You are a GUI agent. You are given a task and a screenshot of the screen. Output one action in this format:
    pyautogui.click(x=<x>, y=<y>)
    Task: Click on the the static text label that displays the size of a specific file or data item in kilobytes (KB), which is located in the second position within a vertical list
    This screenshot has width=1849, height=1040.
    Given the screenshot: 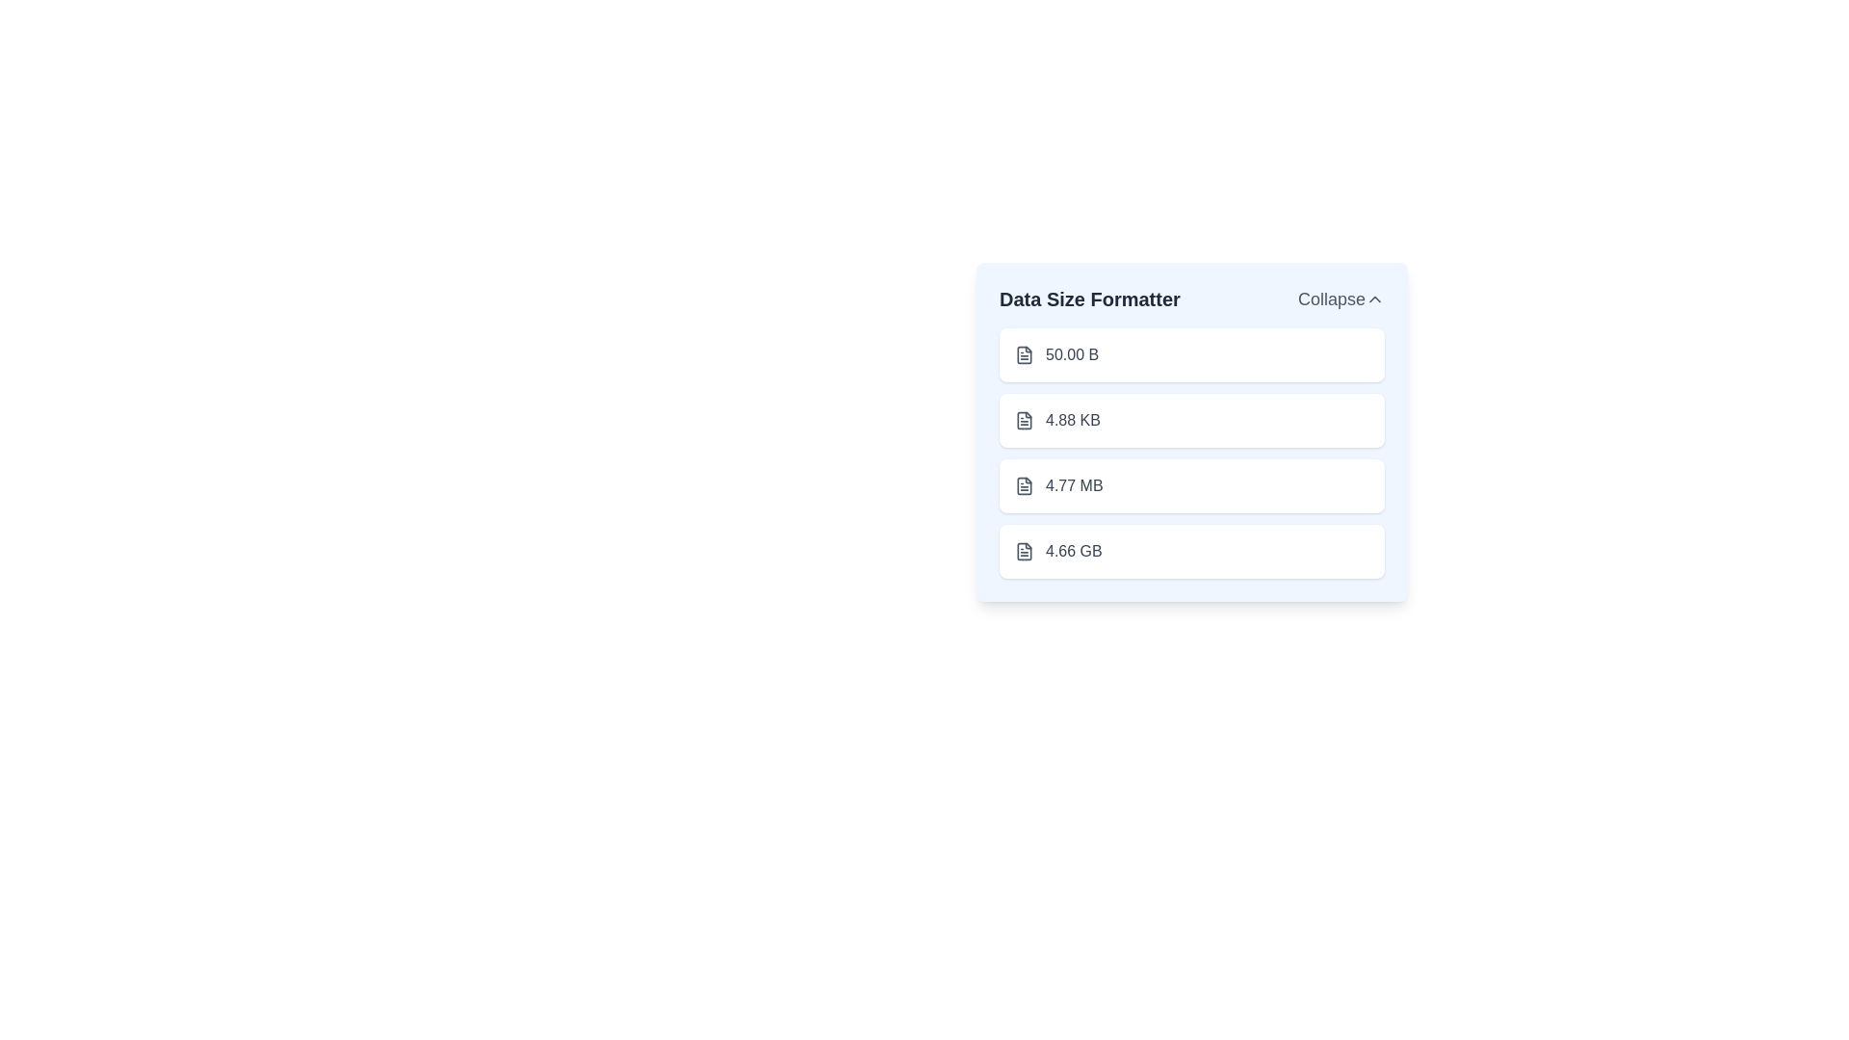 What is the action you would take?
    pyautogui.click(x=1072, y=419)
    